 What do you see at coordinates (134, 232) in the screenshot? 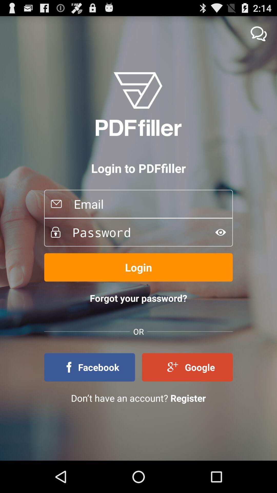
I see `password option` at bounding box center [134, 232].